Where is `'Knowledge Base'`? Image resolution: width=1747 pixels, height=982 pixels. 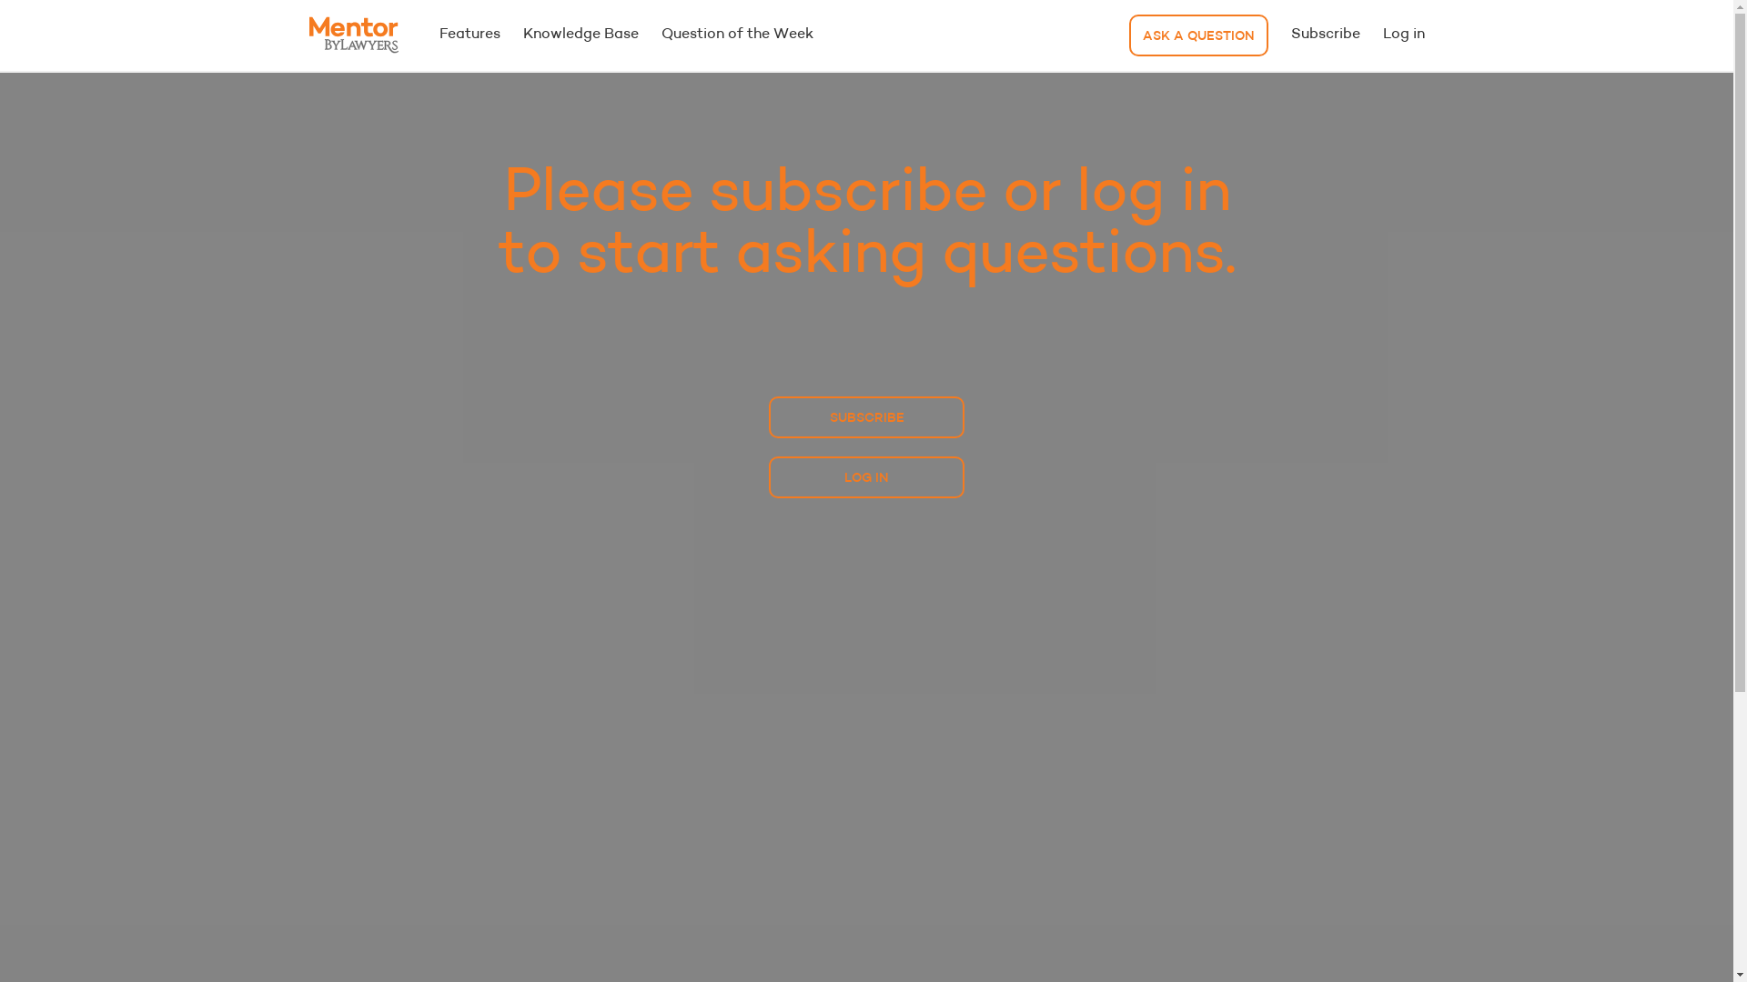 'Knowledge Base' is located at coordinates (579, 35).